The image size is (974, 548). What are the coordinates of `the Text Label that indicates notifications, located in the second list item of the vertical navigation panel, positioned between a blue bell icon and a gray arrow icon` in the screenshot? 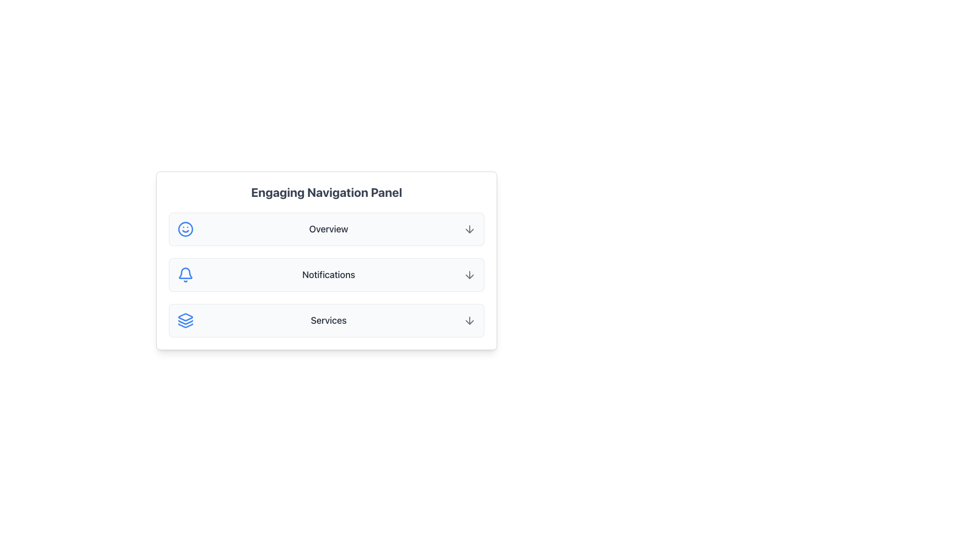 It's located at (329, 275).